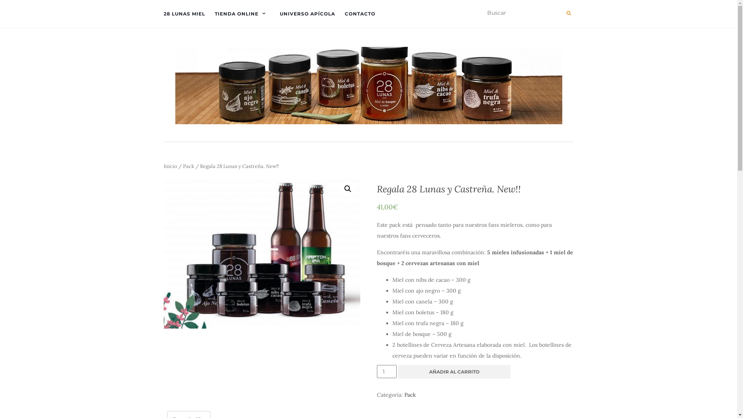  Describe the element at coordinates (169, 166) in the screenshot. I see `'Inicio'` at that location.